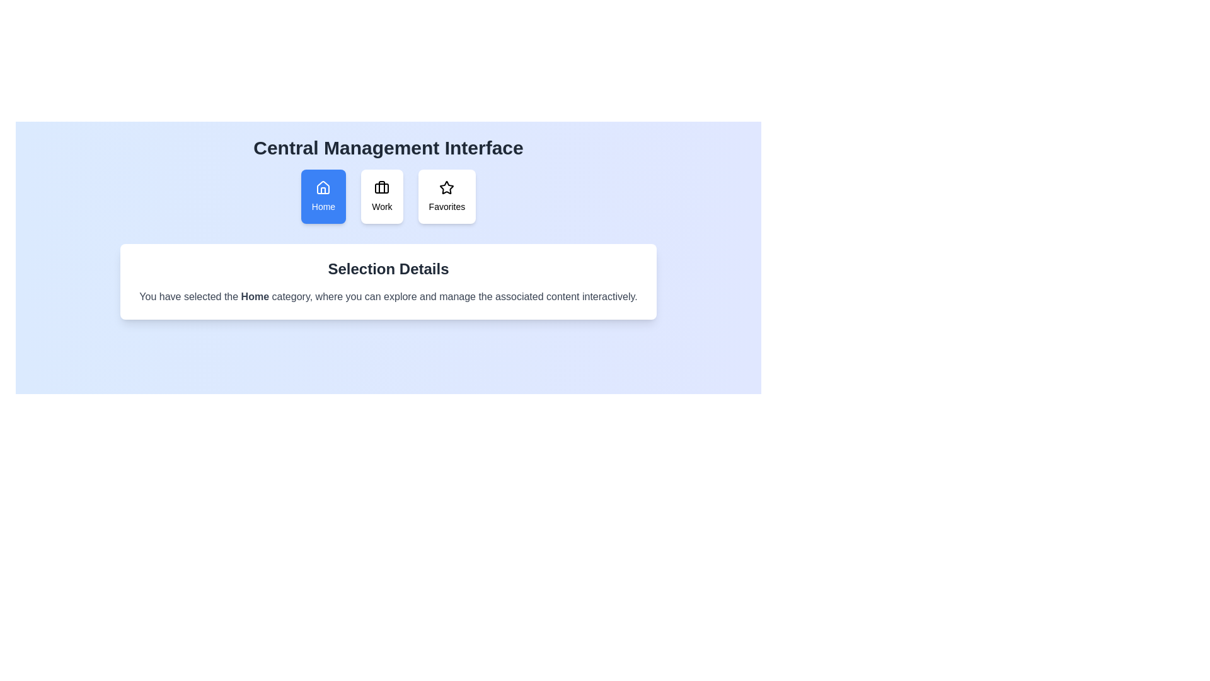 This screenshot has height=681, width=1210. Describe the element at coordinates (254, 296) in the screenshot. I see `the text element displaying 'Home' which is bold and located under the 'Selection Details' heading` at that location.